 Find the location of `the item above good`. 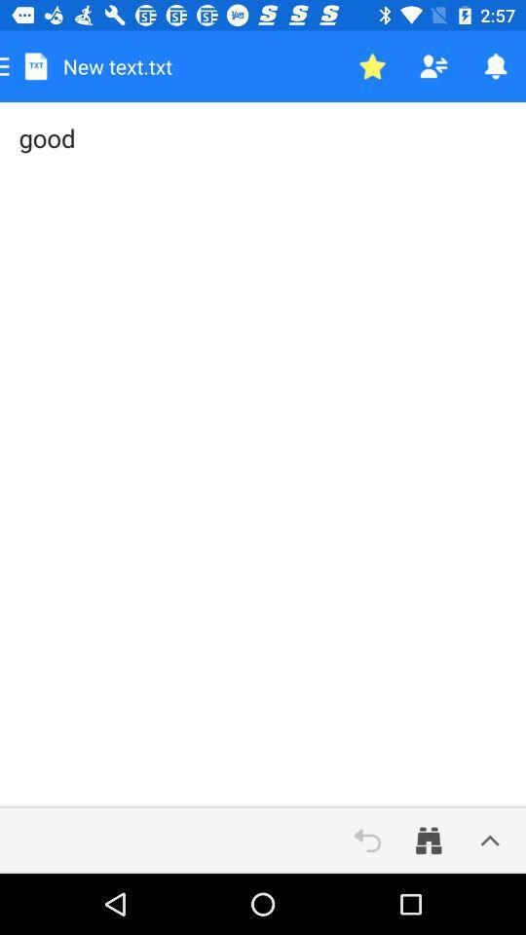

the item above good is located at coordinates (372, 66).